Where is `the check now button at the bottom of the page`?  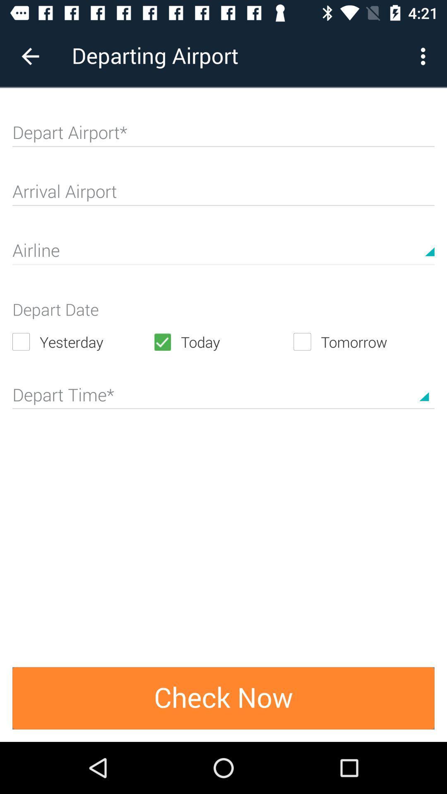 the check now button at the bottom of the page is located at coordinates (223, 698).